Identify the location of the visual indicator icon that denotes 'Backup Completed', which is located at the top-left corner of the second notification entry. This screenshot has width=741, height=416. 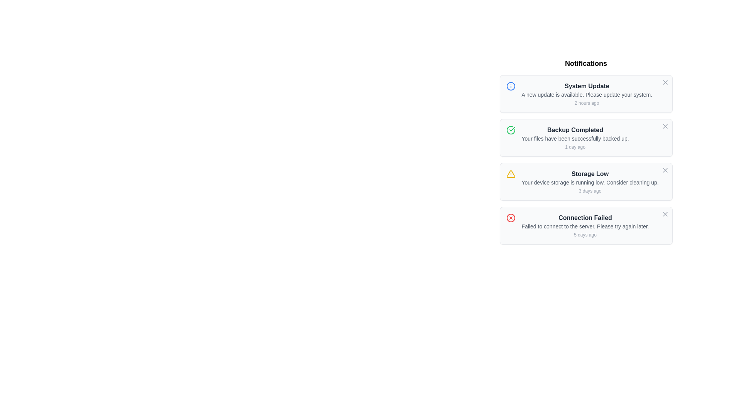
(511, 130).